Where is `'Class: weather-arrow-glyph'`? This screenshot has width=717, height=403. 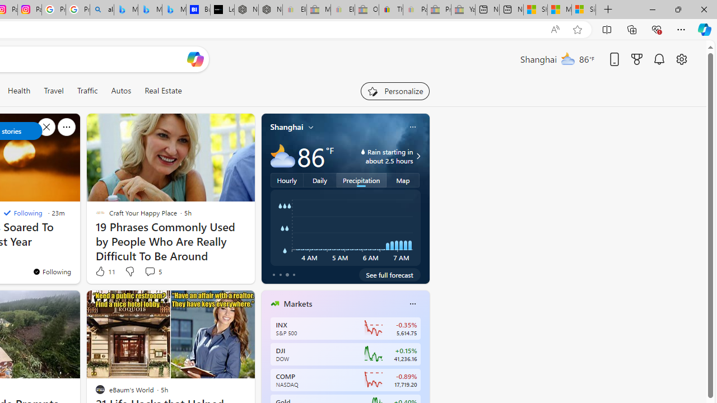 'Class: weather-arrow-glyph' is located at coordinates (417, 156).